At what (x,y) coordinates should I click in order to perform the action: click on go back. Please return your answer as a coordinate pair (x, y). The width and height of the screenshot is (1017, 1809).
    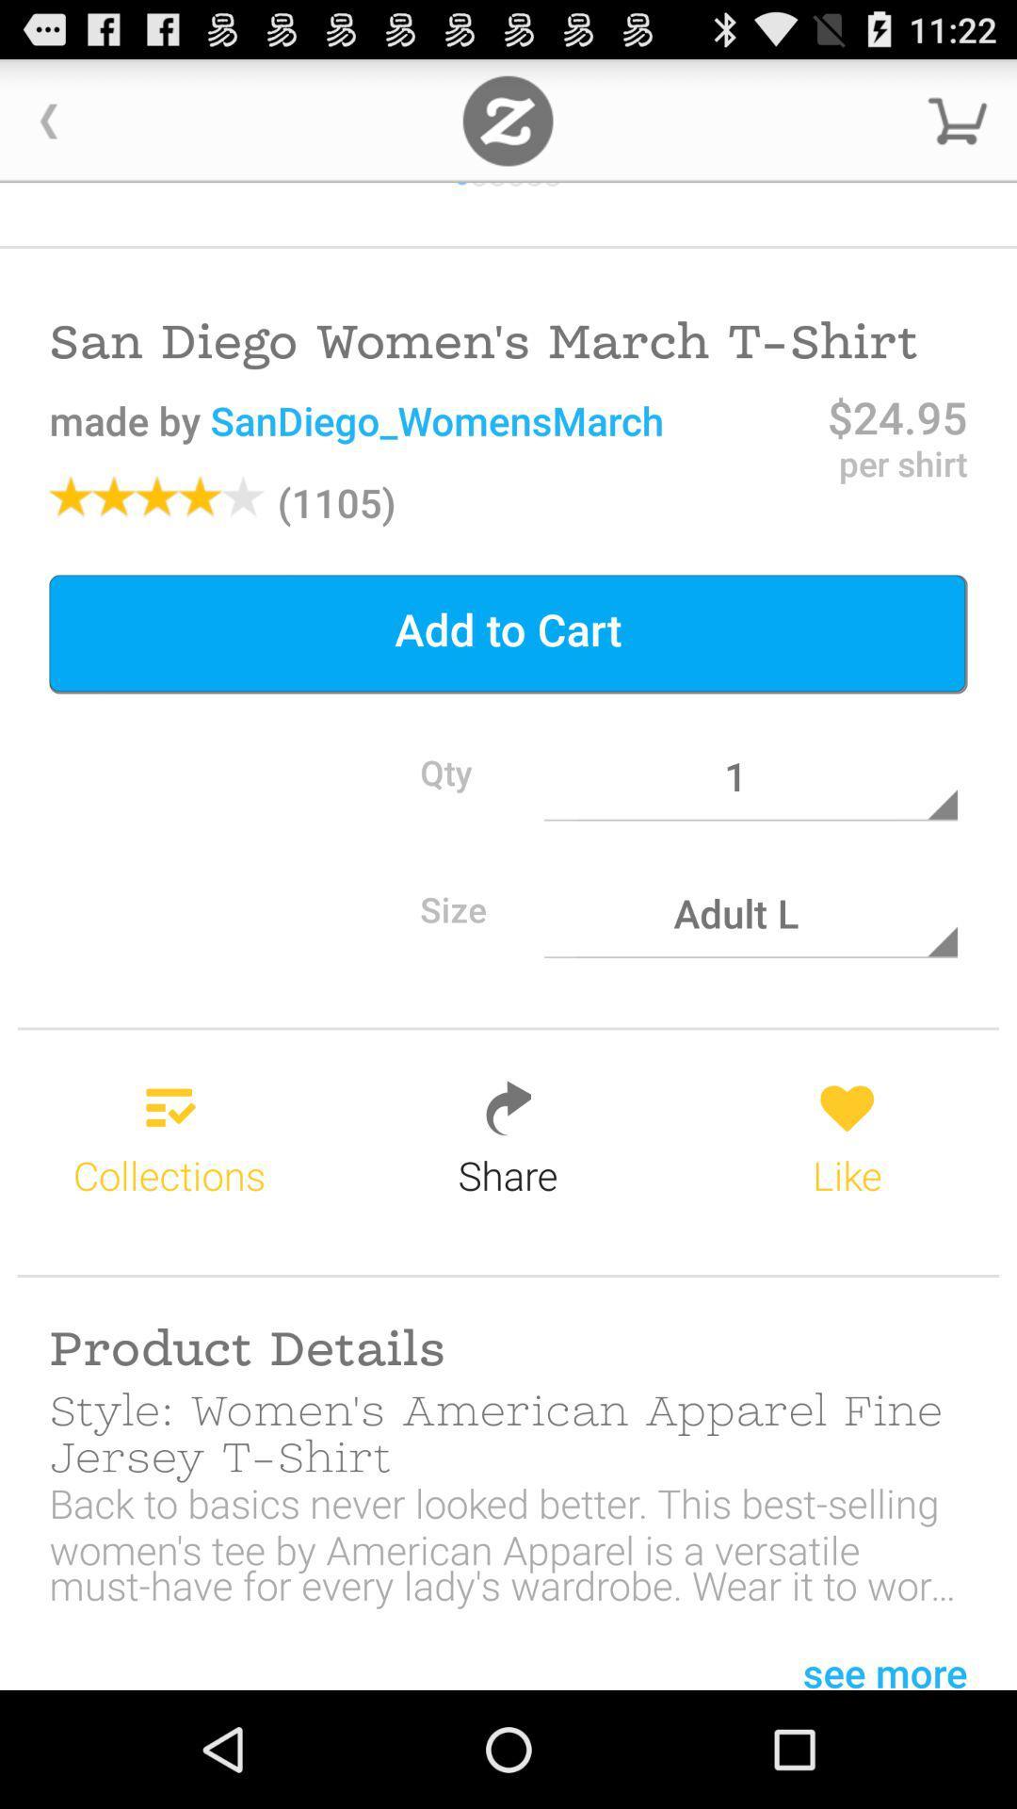
    Looking at the image, I should click on (48, 120).